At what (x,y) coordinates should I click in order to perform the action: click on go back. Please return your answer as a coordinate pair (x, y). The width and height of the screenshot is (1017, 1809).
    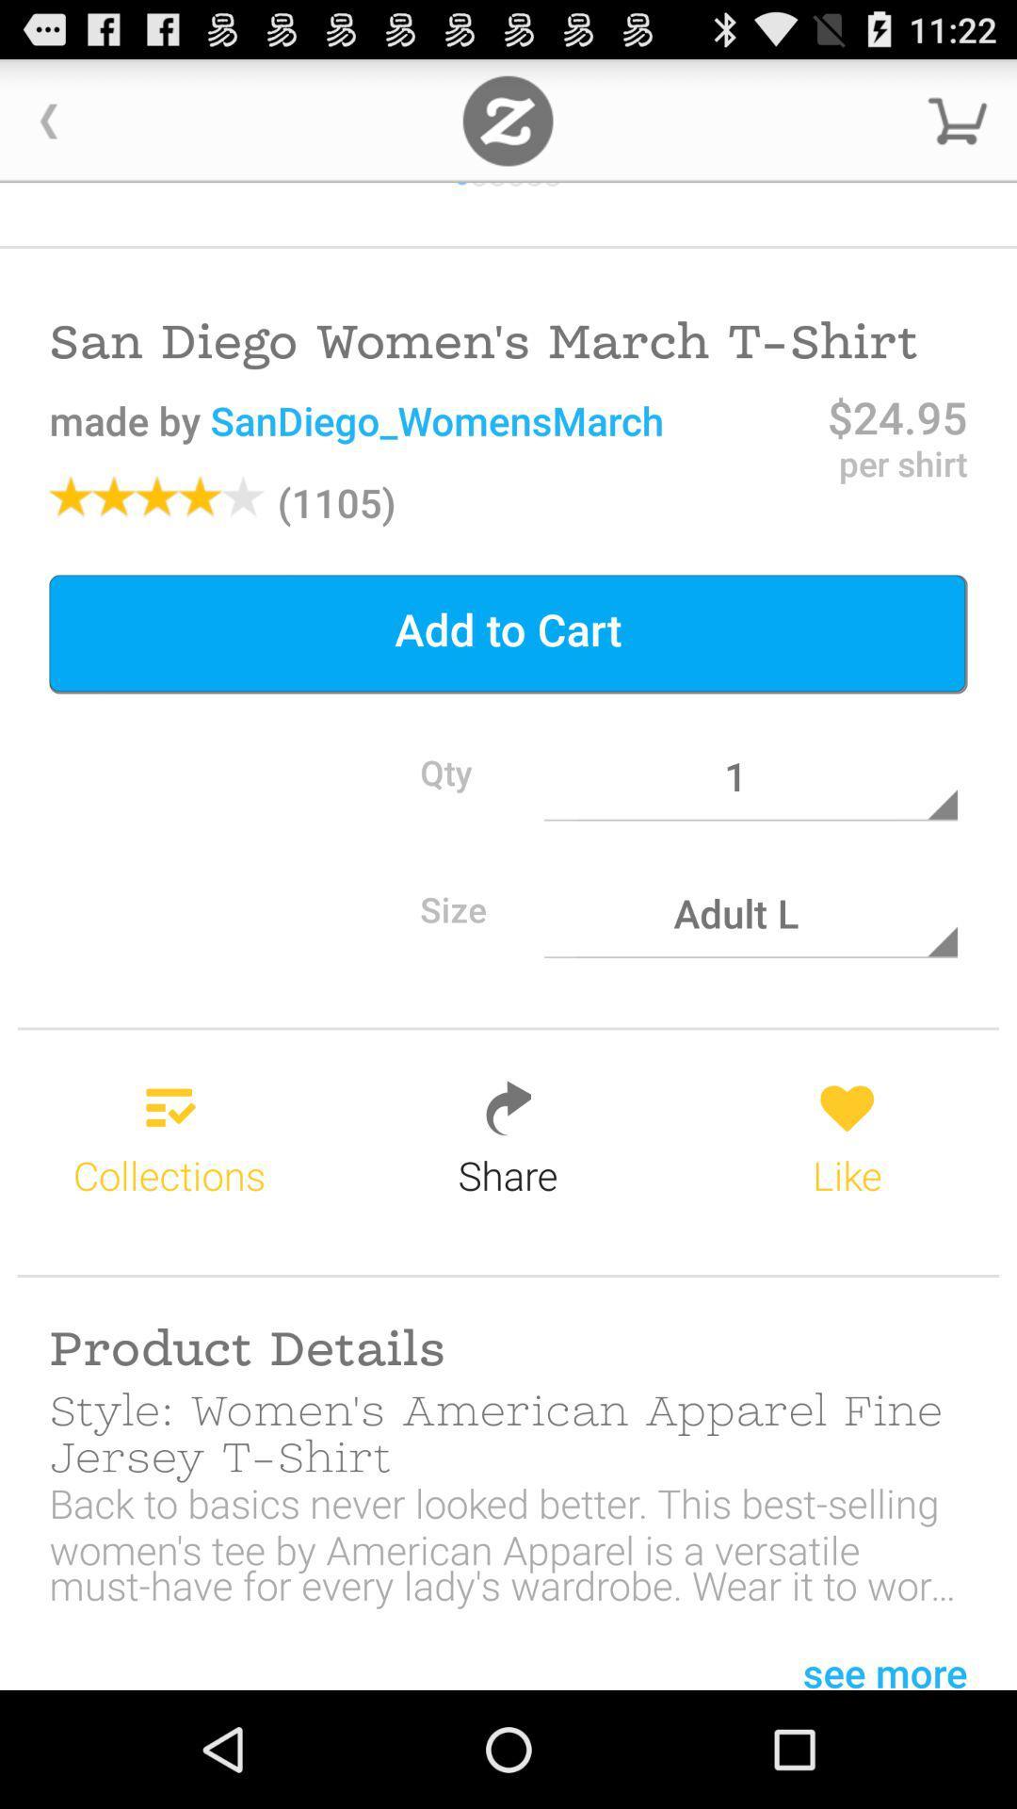
    Looking at the image, I should click on (48, 120).